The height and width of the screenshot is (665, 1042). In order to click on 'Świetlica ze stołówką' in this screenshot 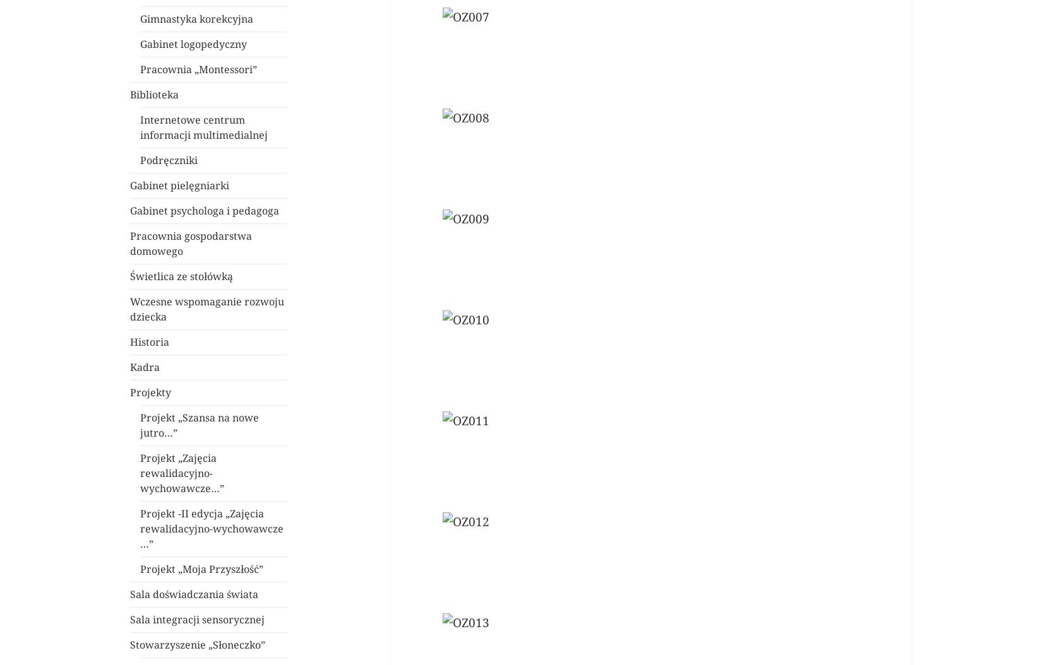, I will do `click(181, 276)`.